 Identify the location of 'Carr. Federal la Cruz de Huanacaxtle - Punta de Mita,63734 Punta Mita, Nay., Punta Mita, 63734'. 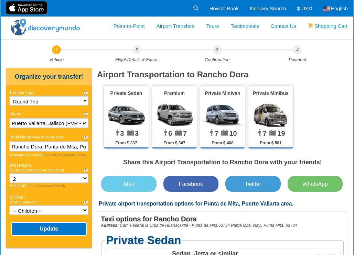
(208, 225).